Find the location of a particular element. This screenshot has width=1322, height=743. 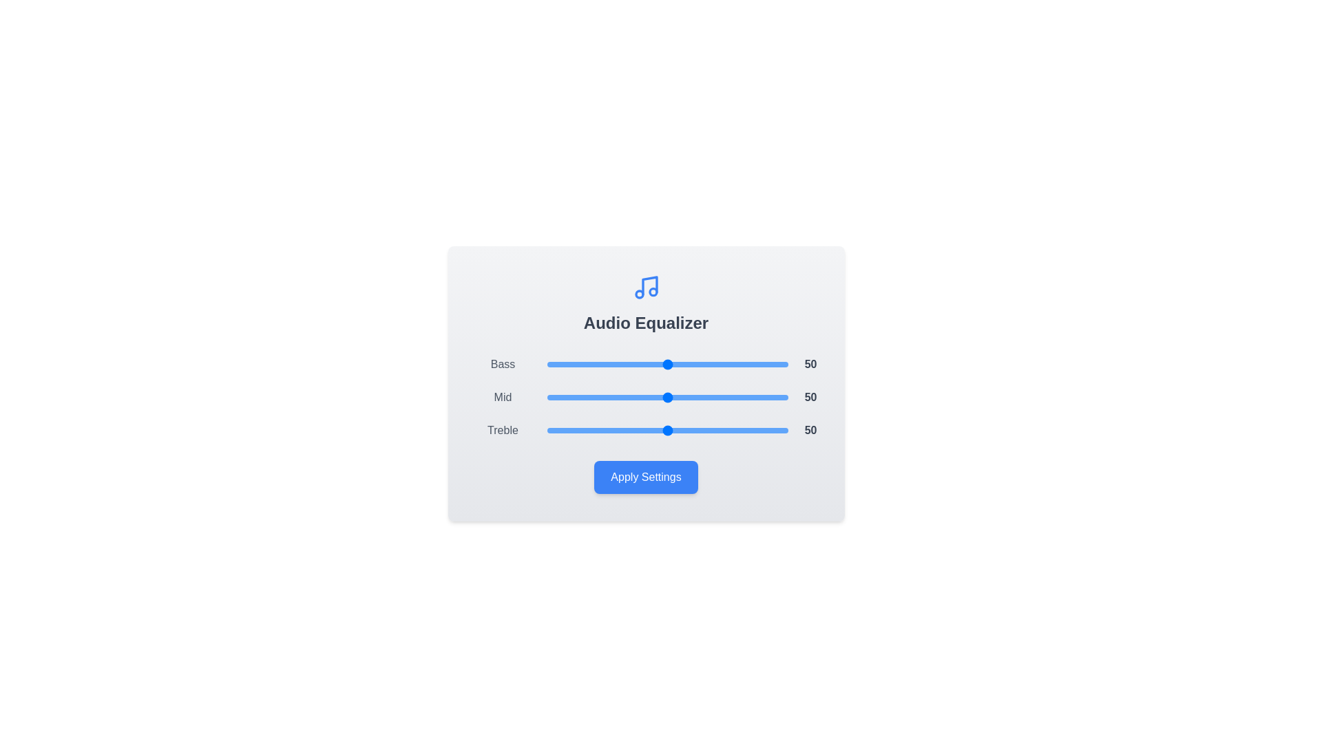

the Treble slider to 24 is located at coordinates (605, 429).